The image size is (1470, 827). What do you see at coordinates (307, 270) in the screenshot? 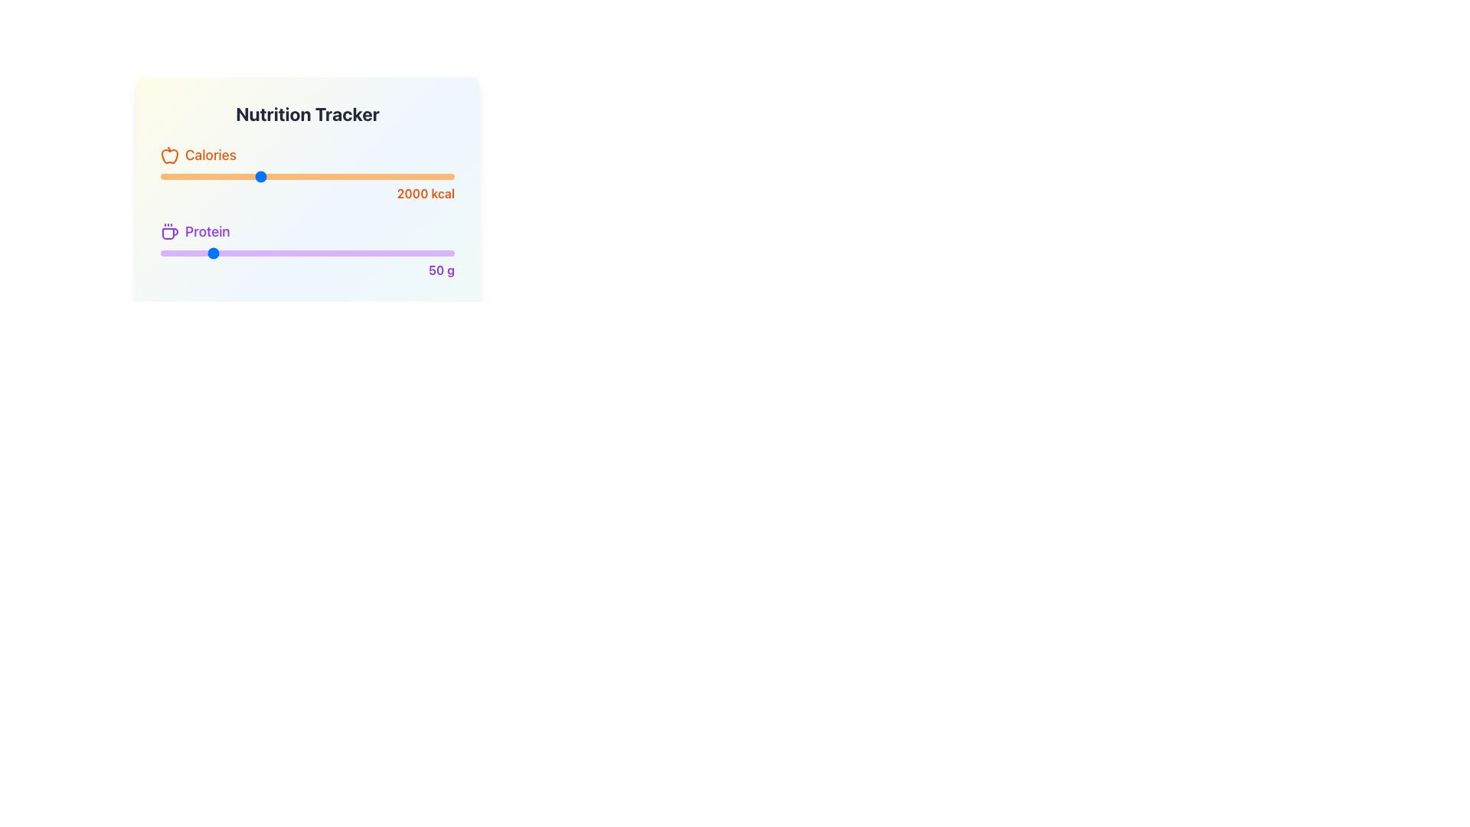
I see `the text label displaying '50 g', which is right-aligned, bold, and purple, located to the right of the 'Protein' slider in the 'Nutrition Tracker' section` at bounding box center [307, 270].